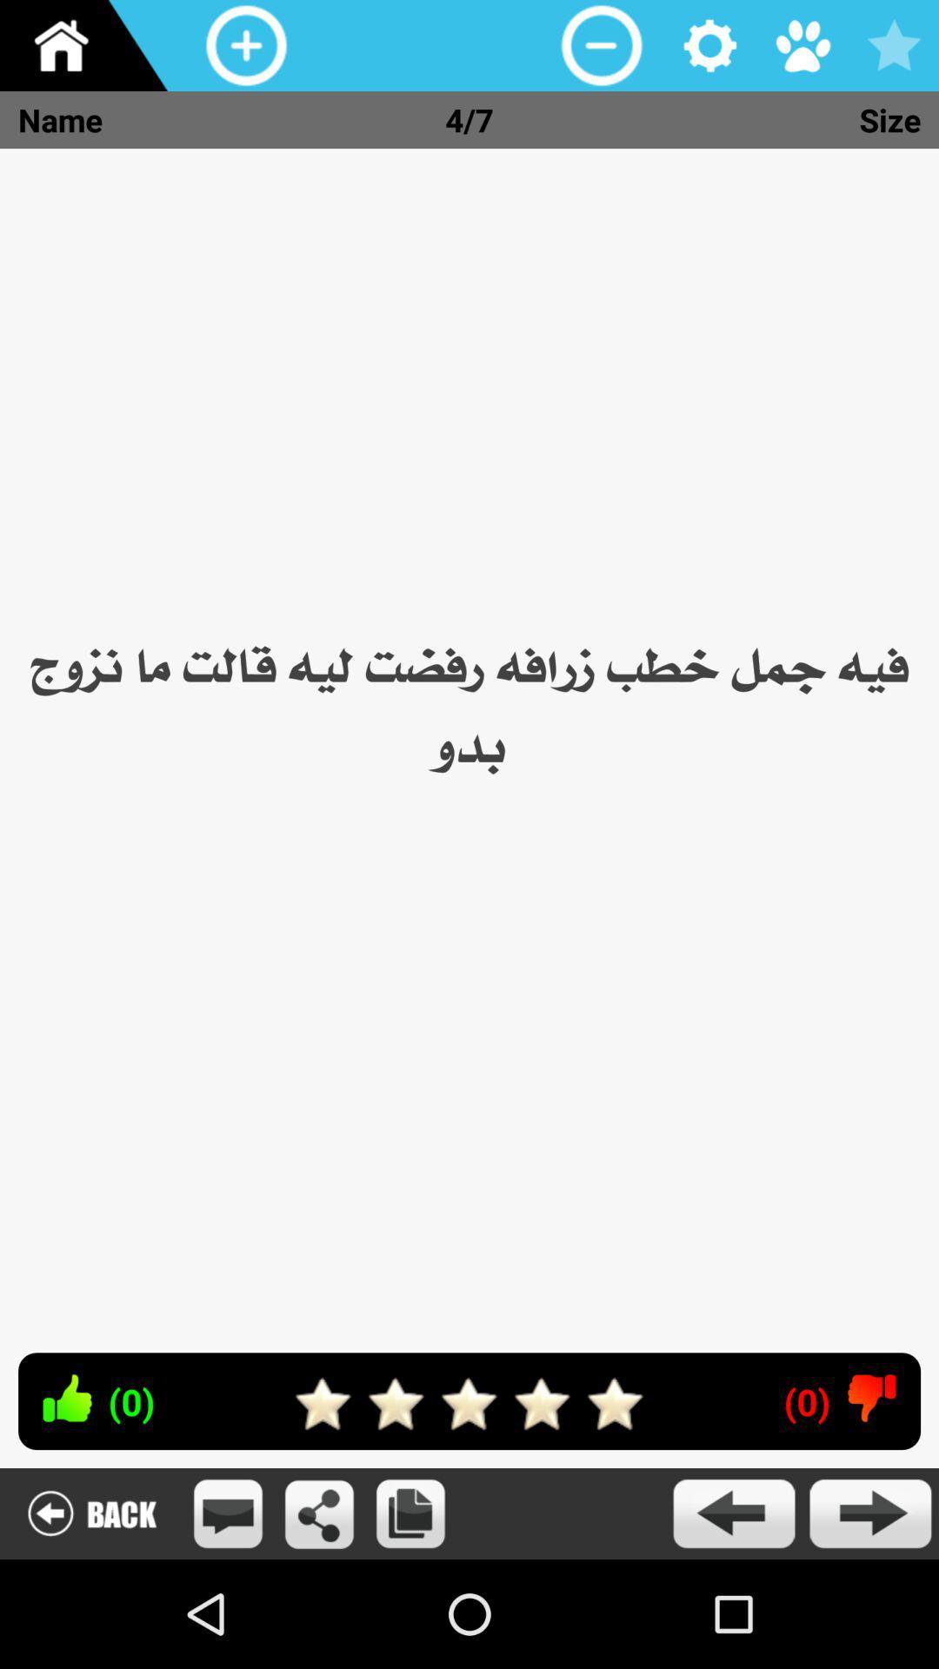 Image resolution: width=939 pixels, height=1669 pixels. Describe the element at coordinates (65, 1398) in the screenshot. I see `like the article` at that location.